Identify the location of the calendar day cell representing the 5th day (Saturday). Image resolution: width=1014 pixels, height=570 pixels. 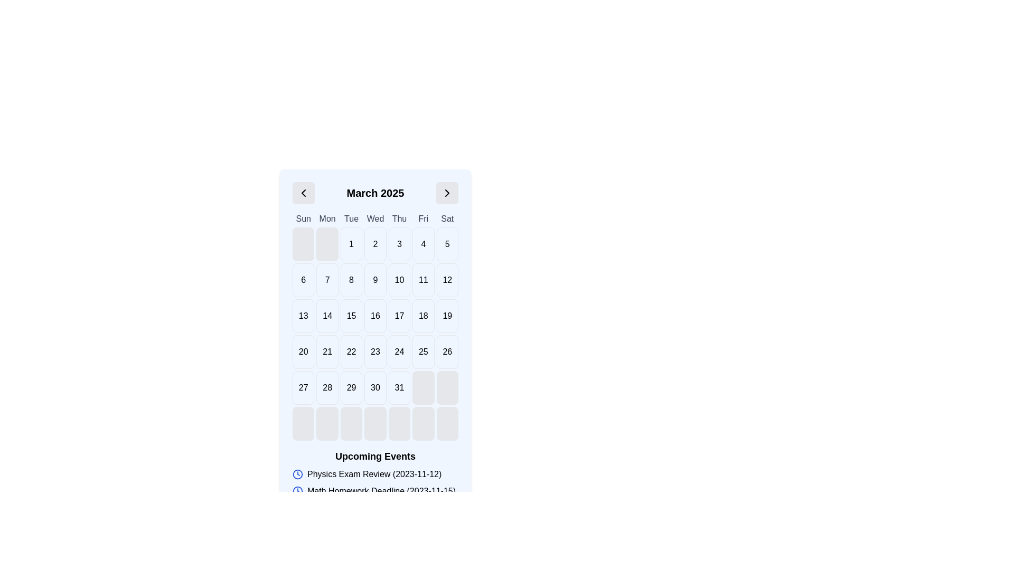
(447, 244).